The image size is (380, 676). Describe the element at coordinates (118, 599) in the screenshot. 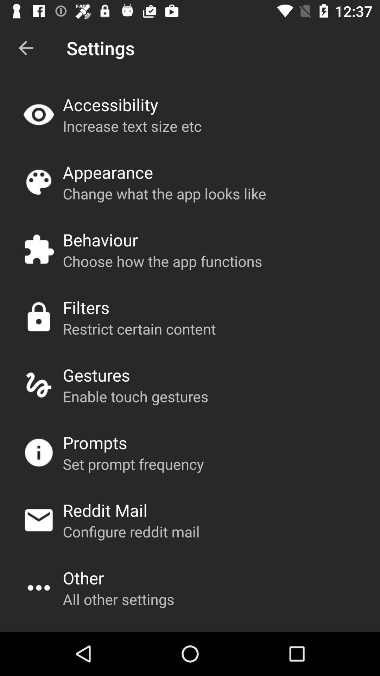

I see `the icon below the other icon` at that location.